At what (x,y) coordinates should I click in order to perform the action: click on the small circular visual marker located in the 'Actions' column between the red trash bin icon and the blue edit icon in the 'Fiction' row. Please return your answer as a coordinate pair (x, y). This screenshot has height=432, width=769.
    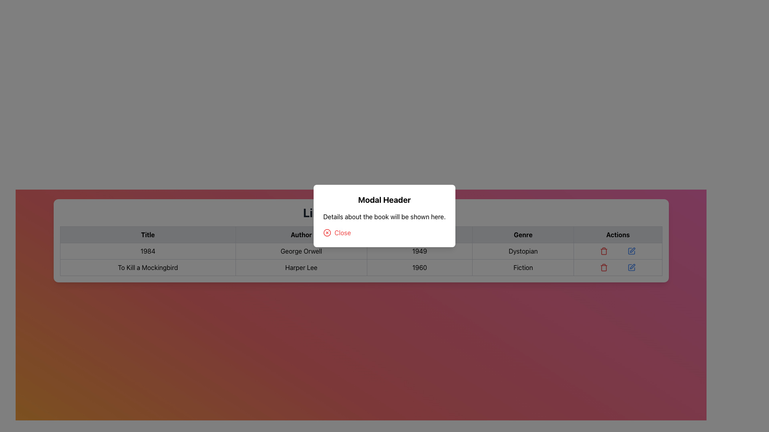
    Looking at the image, I should click on (617, 267).